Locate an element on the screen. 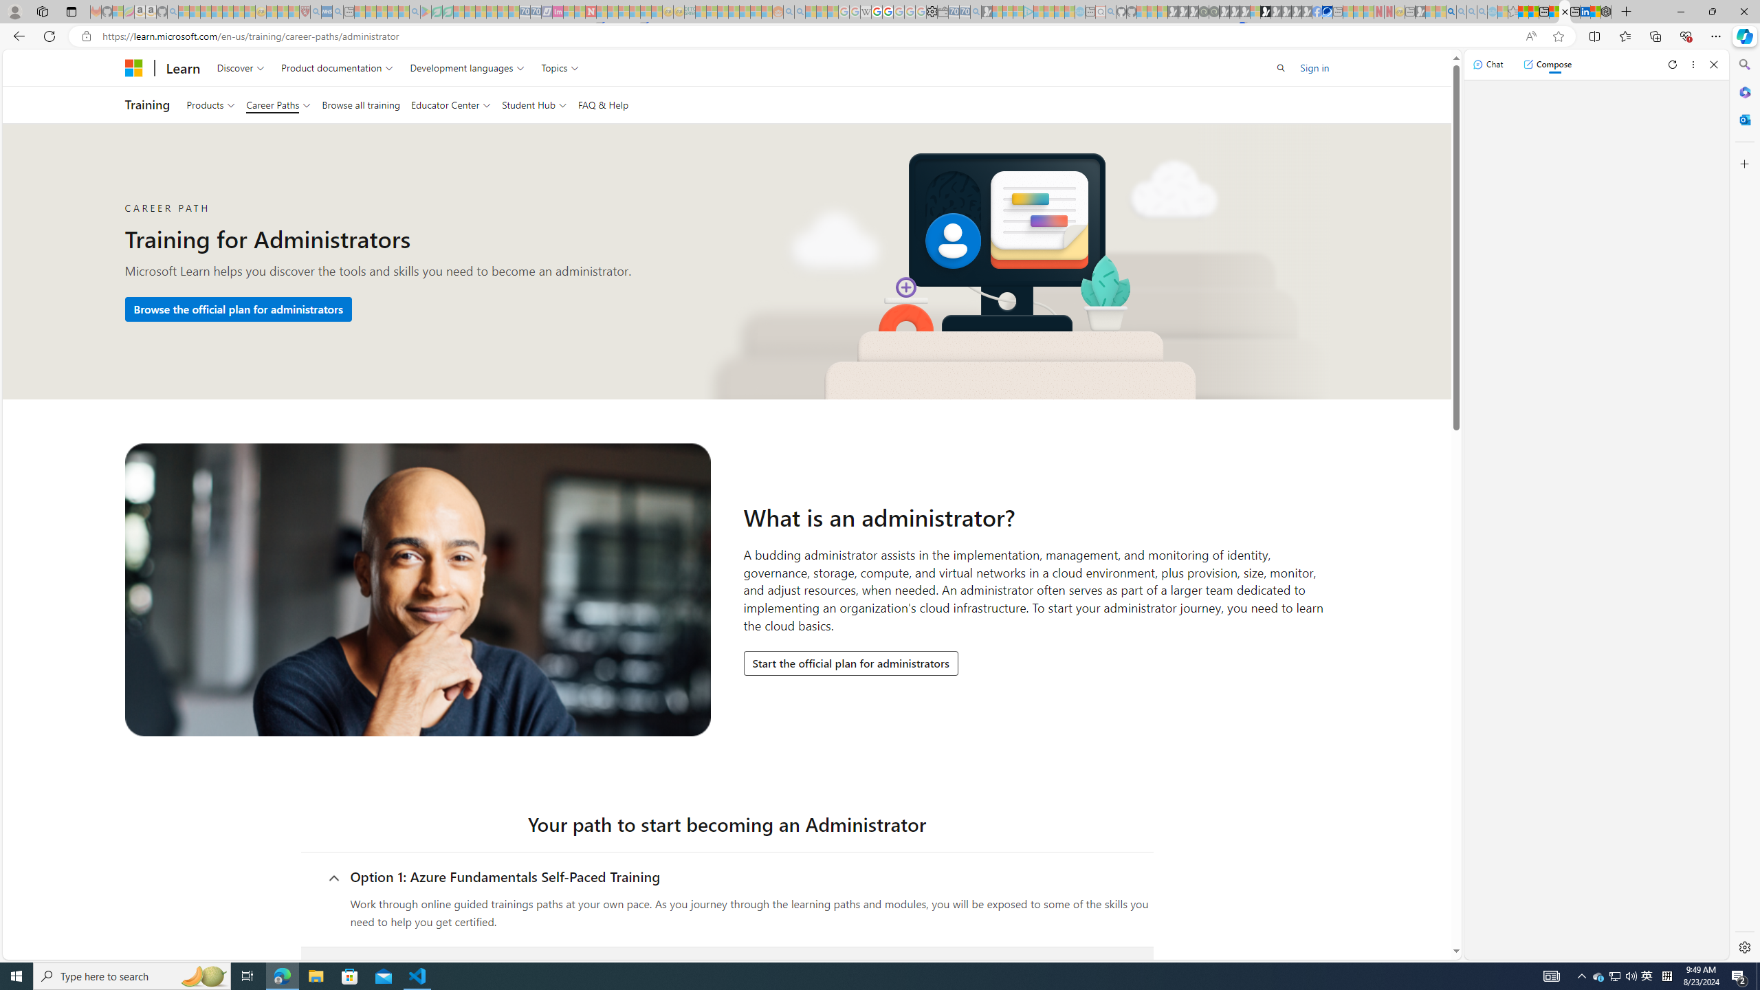 The image size is (1760, 990). 'Microsoft-Report a Concern to Bing - Sleeping' is located at coordinates (118, 11).